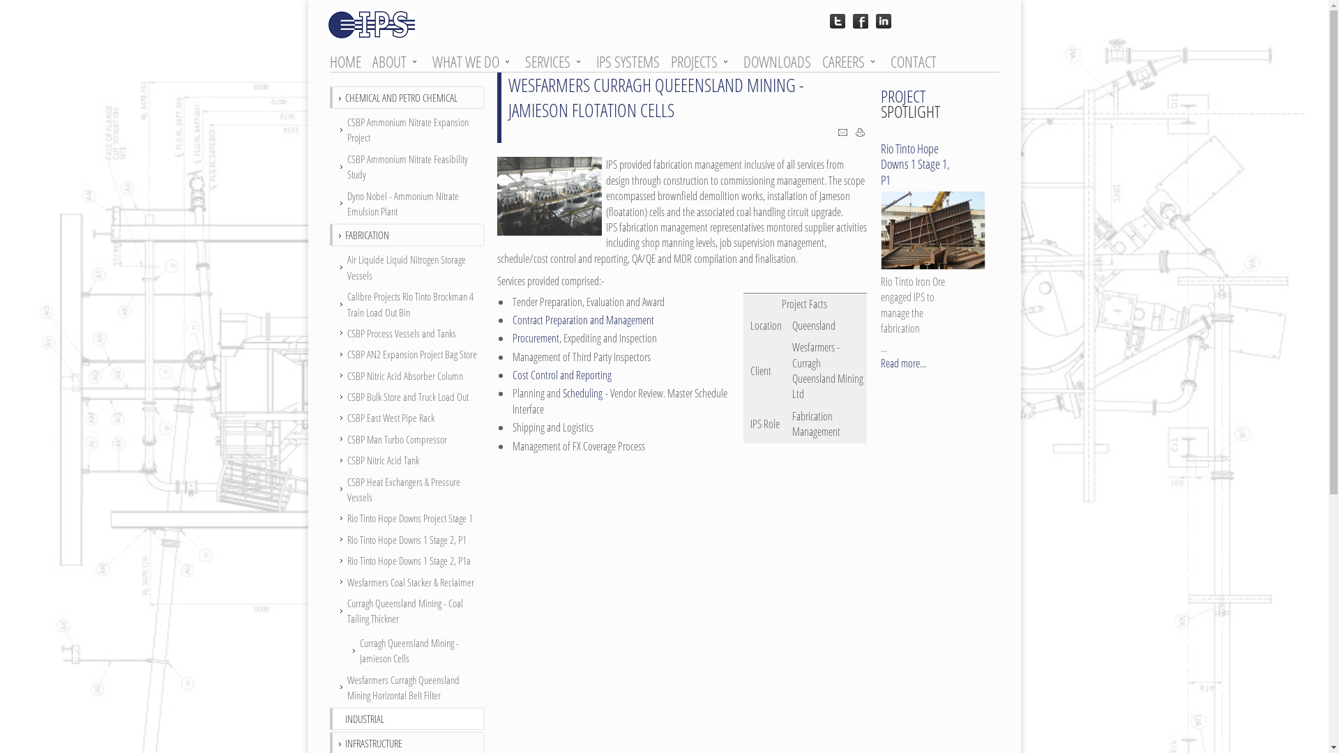  What do you see at coordinates (407, 303) in the screenshot?
I see `'Calibre Projects Rio Tinto Brockman 4 Train Load Out Bin'` at bounding box center [407, 303].